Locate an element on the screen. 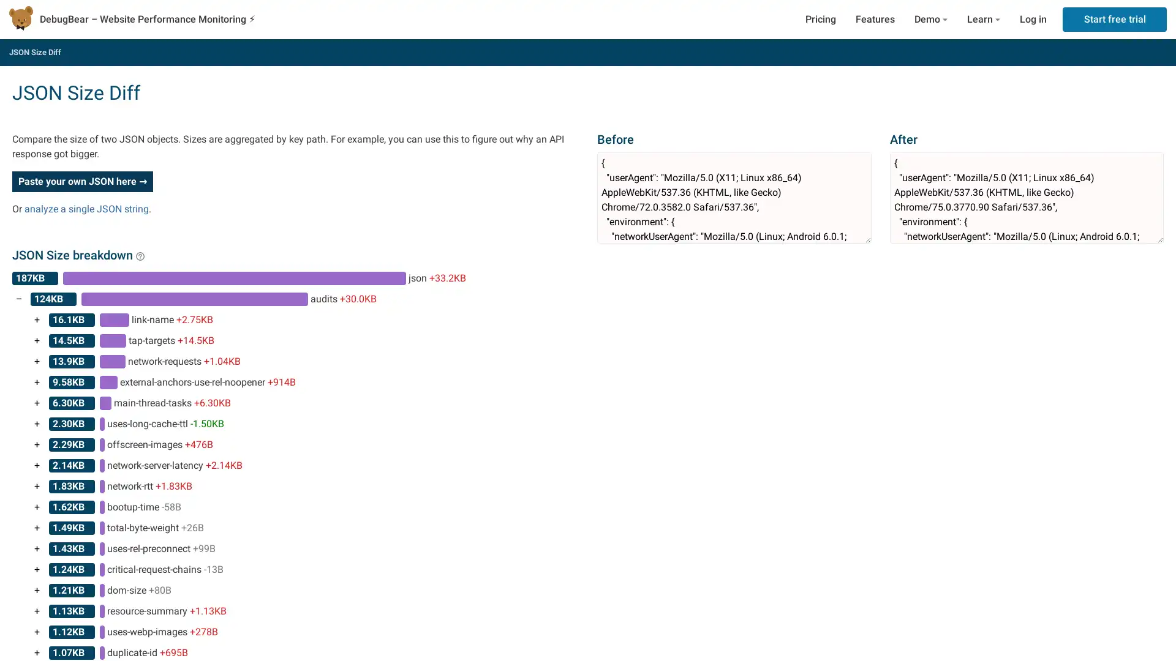 The width and height of the screenshot is (1176, 661). + is located at coordinates (37, 548).